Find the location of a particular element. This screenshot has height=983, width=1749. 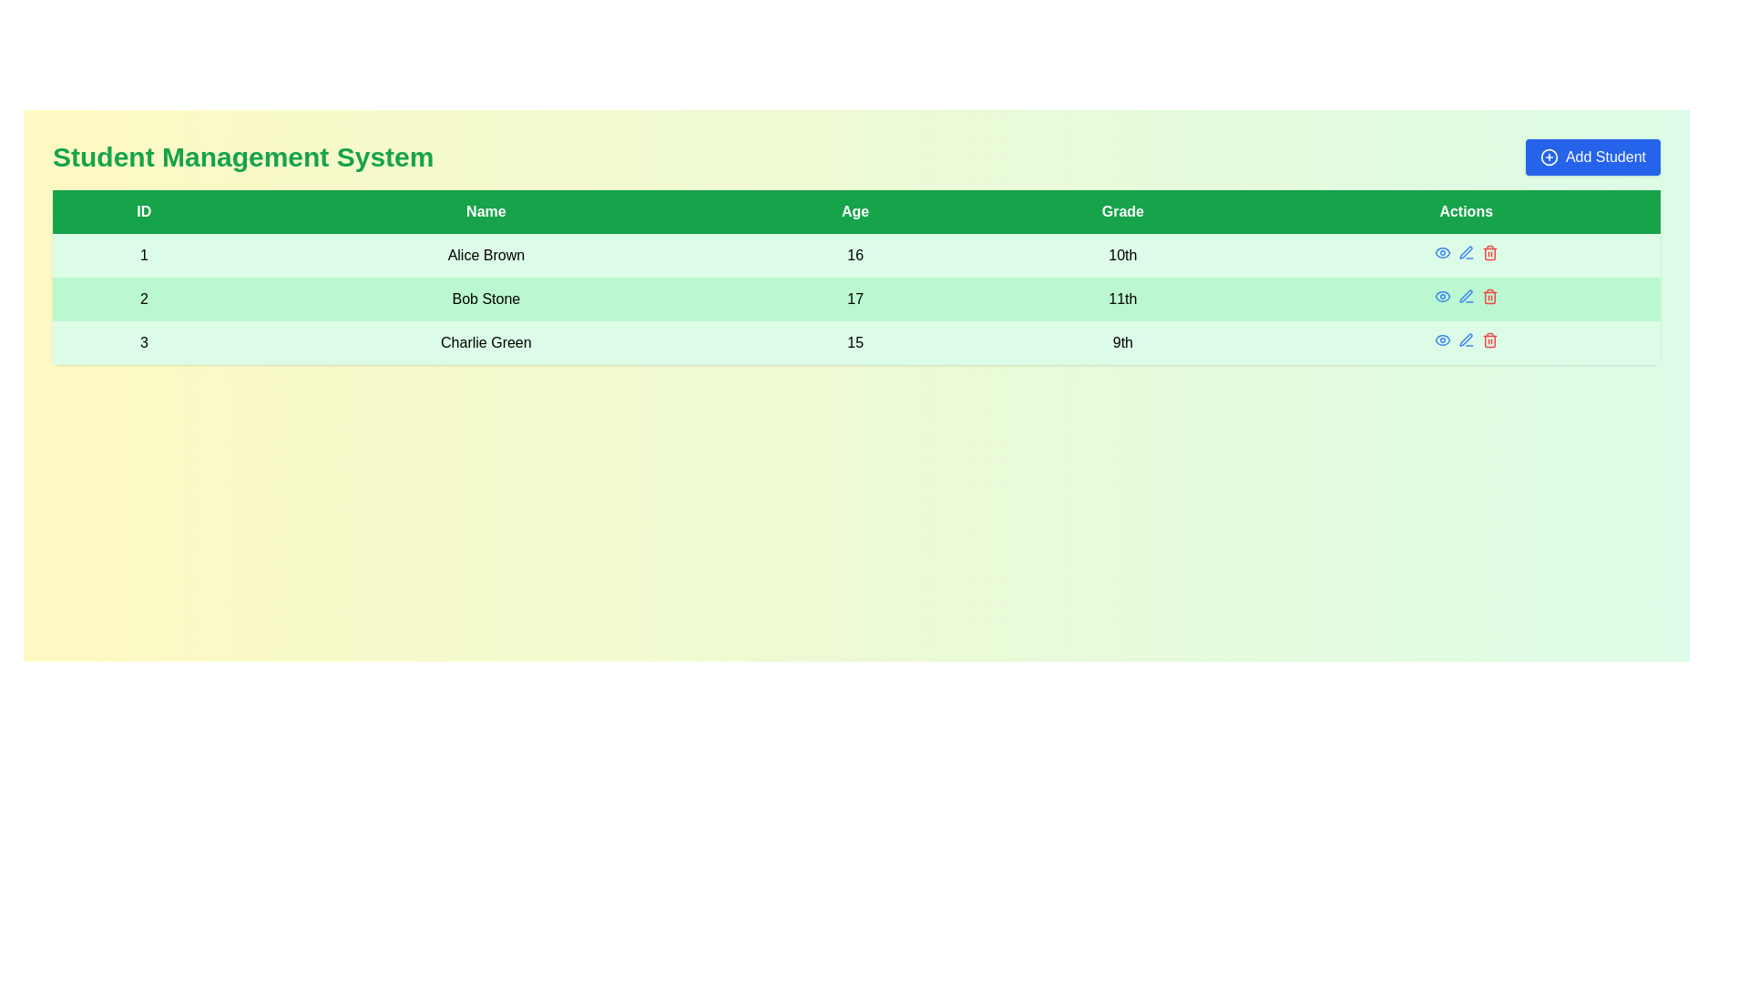

the interactive icon in the 'Actions' column of the table for student 'Bob Stone' is located at coordinates (1441, 252).